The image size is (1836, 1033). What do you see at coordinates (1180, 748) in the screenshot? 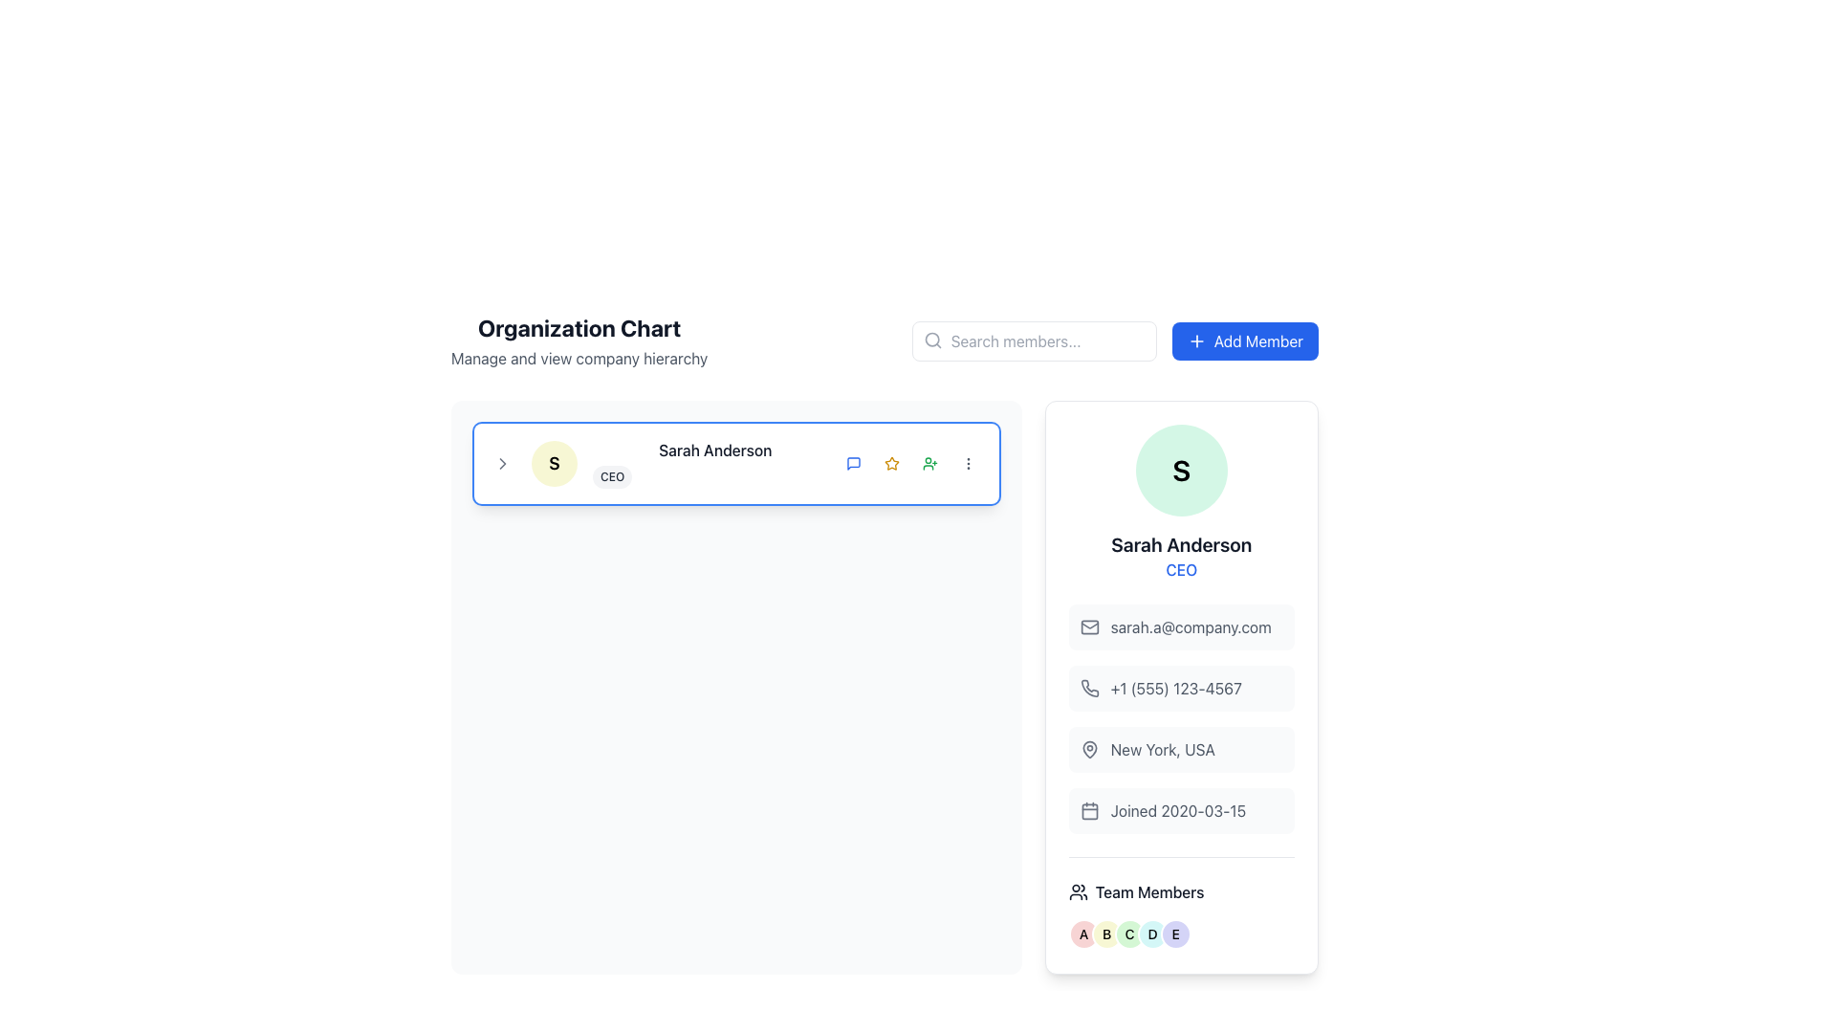
I see `the text label with the map pin icon that displays 'New York, USA', which is located in the user information panel between the phone number and joined date entries` at bounding box center [1180, 748].